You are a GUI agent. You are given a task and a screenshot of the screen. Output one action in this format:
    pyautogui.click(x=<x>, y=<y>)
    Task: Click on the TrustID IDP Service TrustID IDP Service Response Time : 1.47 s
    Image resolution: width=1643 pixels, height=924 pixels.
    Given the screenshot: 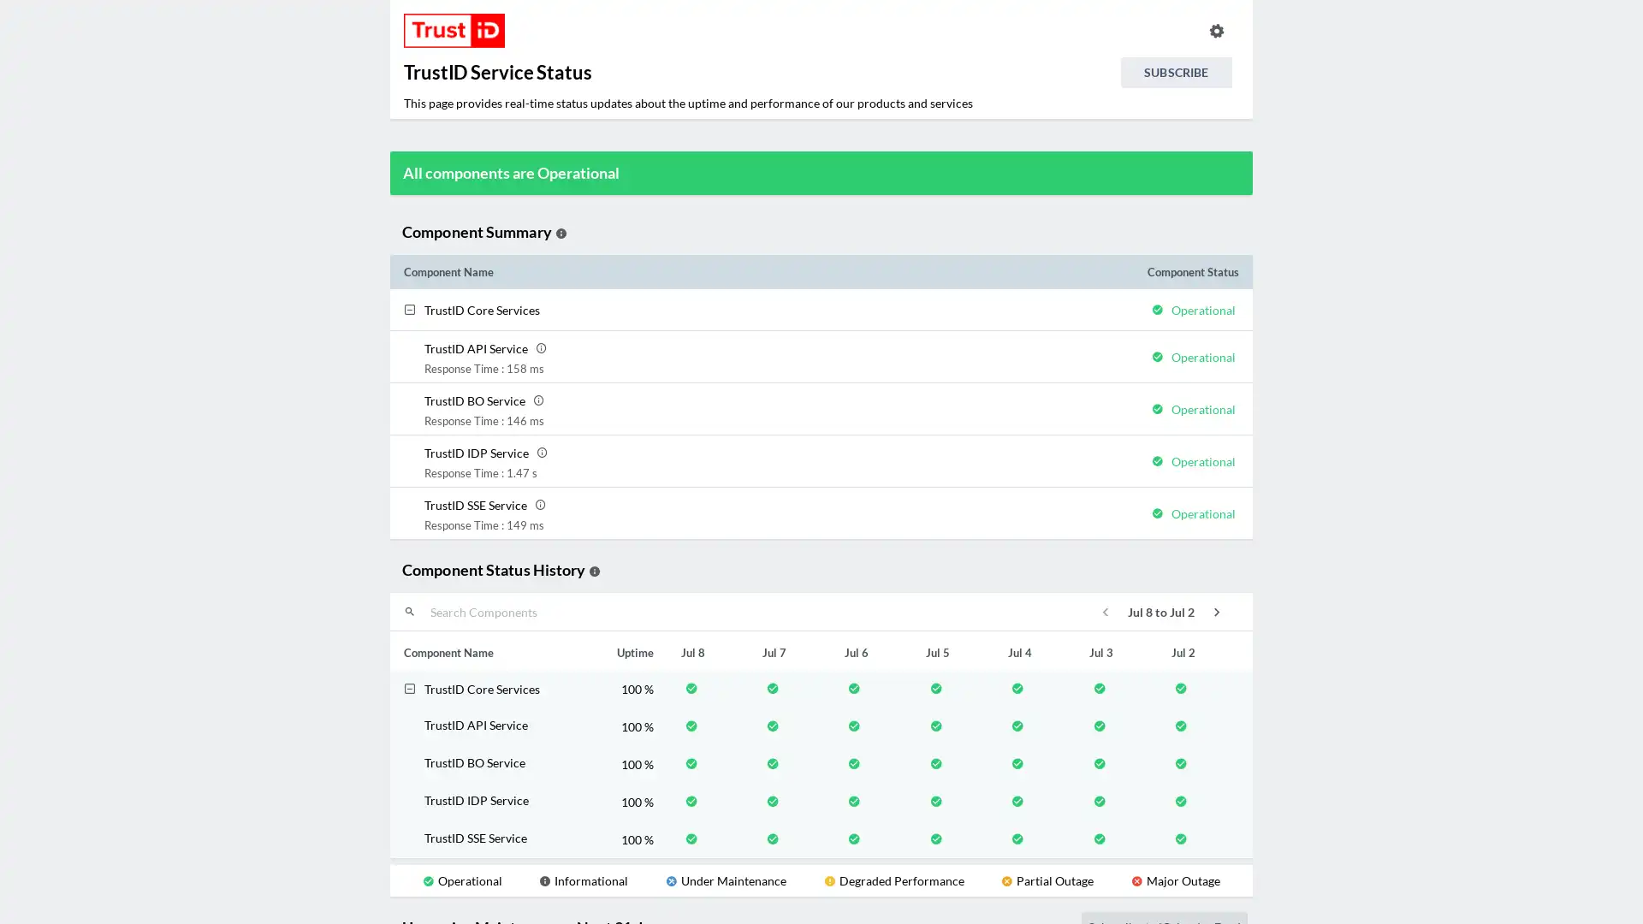 What is the action you would take?
    pyautogui.click(x=717, y=460)
    